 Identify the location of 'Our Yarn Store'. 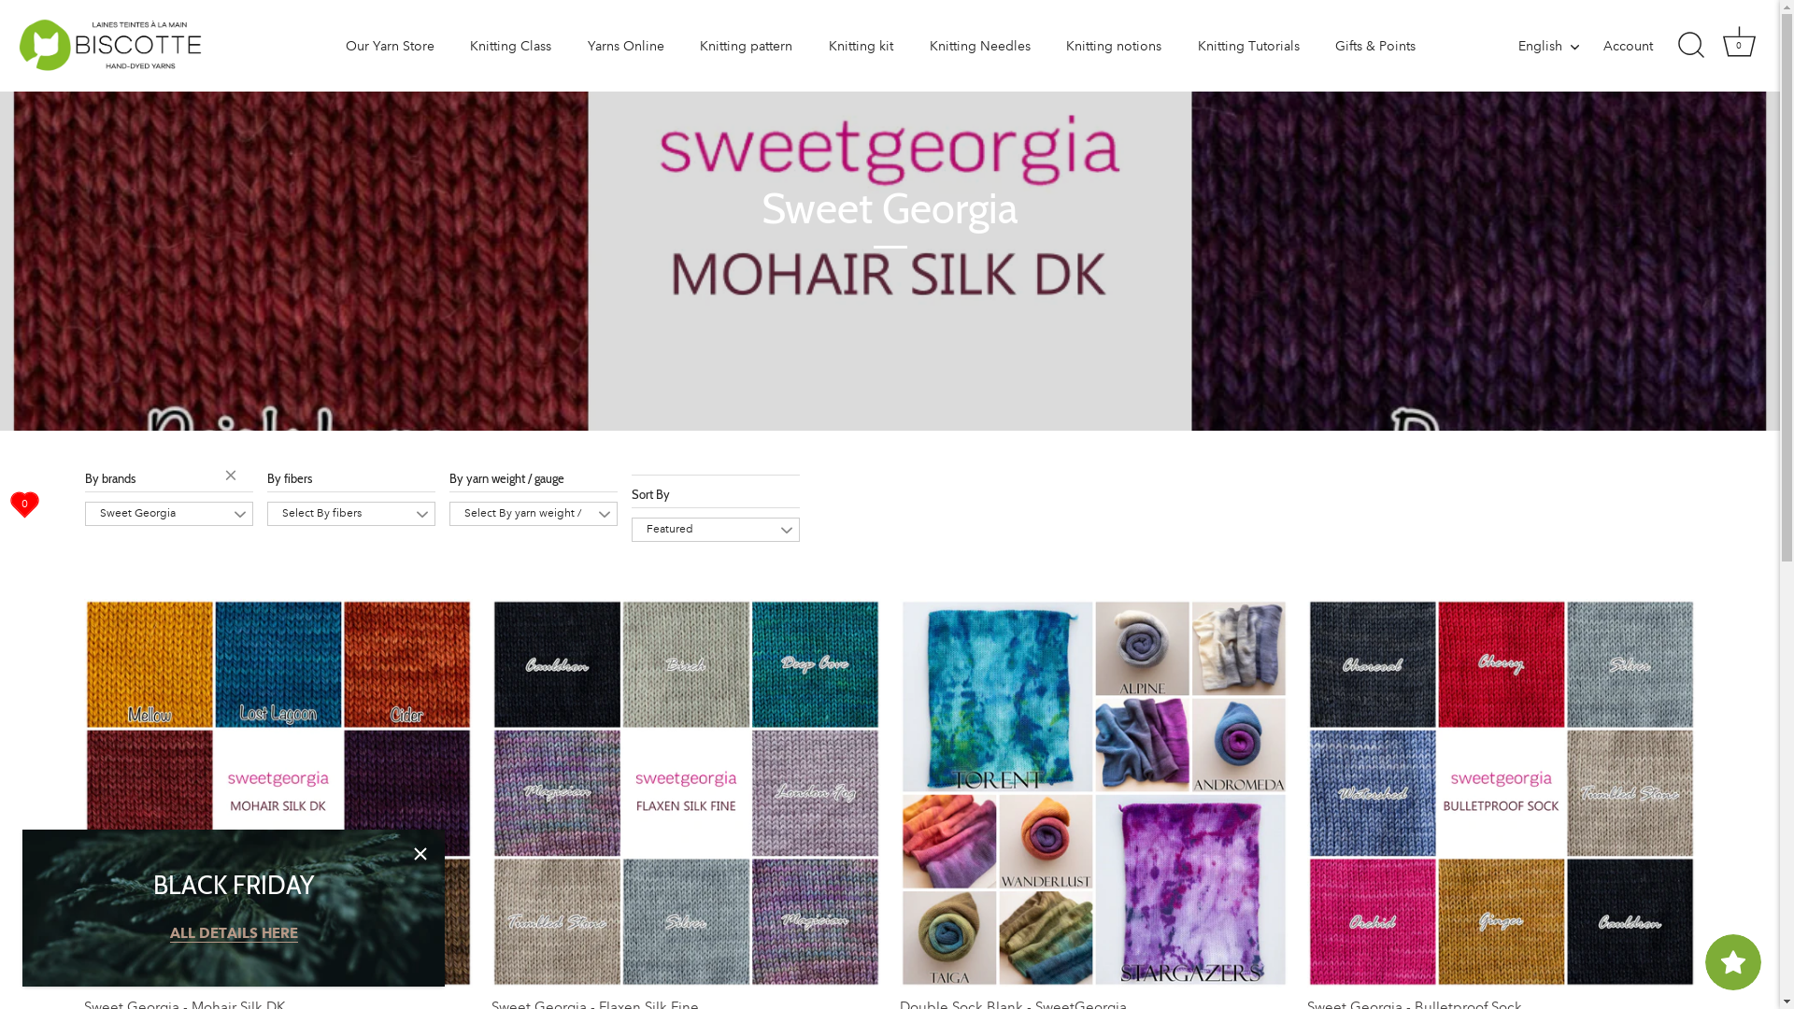
(389, 45).